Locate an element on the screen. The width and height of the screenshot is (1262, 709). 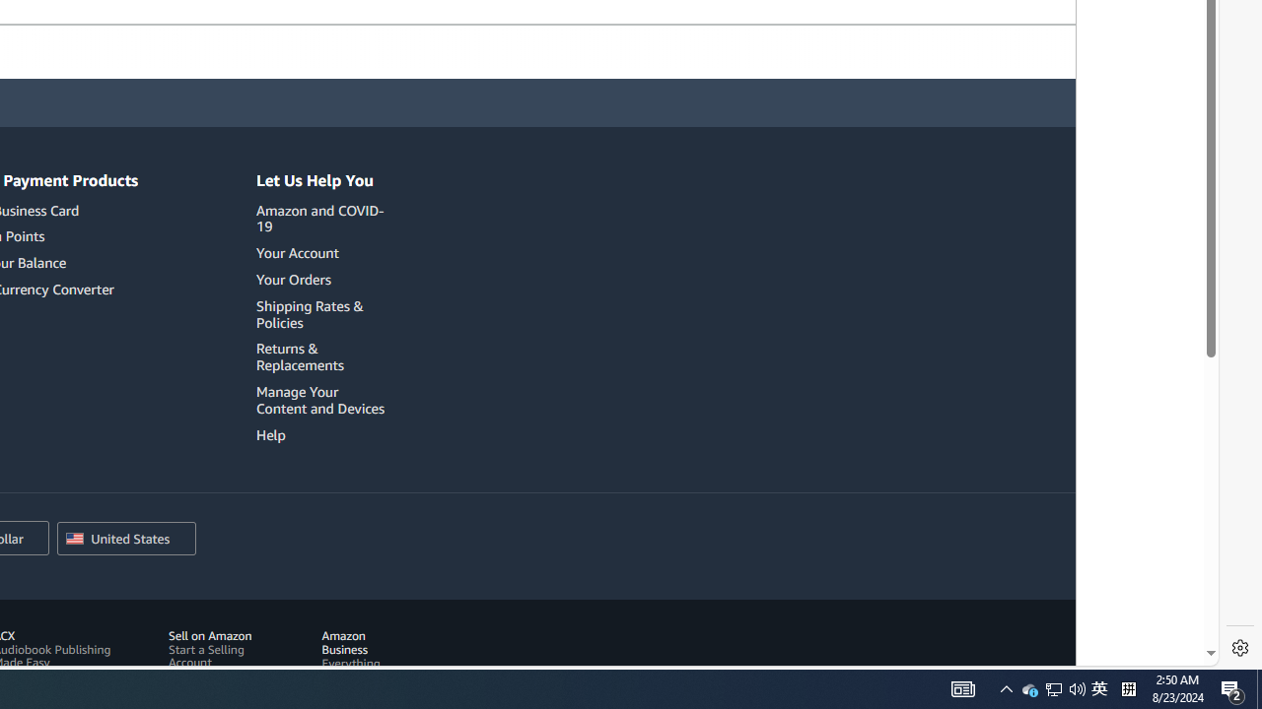
'Help' is located at coordinates (270, 433).